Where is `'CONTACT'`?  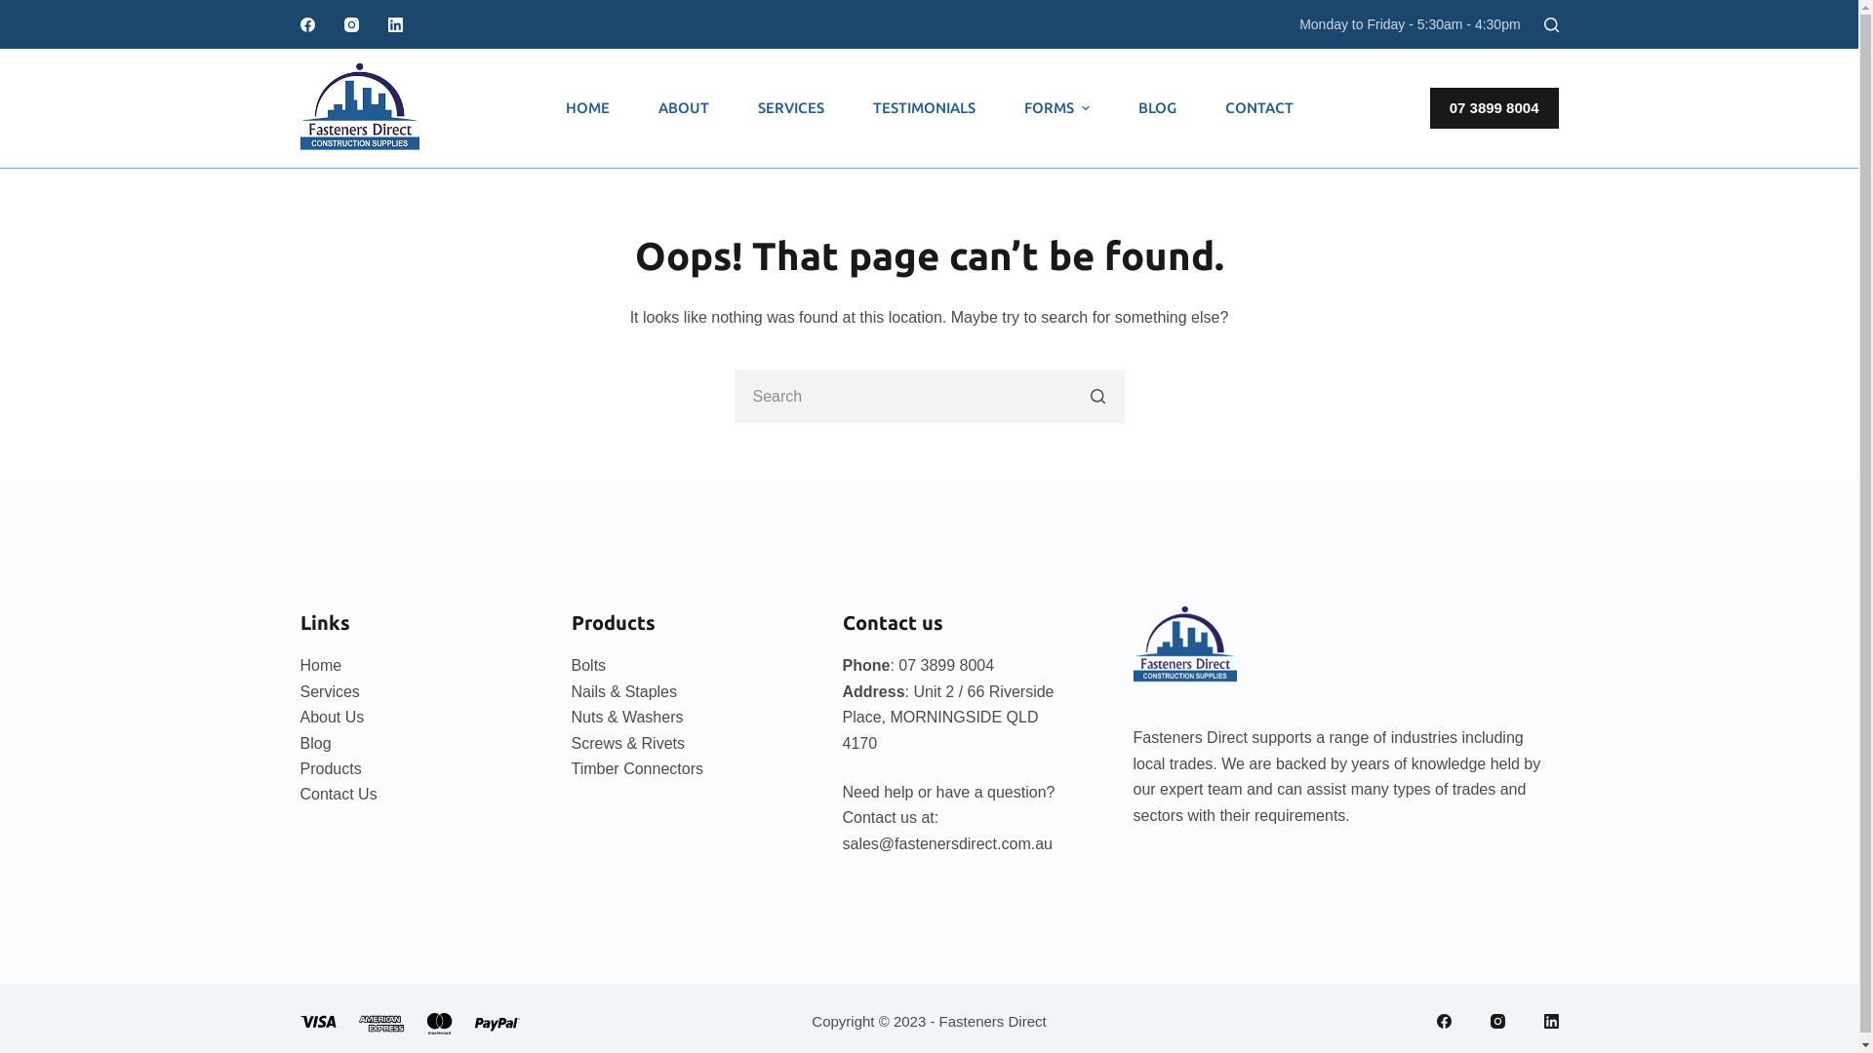
'CONTACT' is located at coordinates (1258, 108).